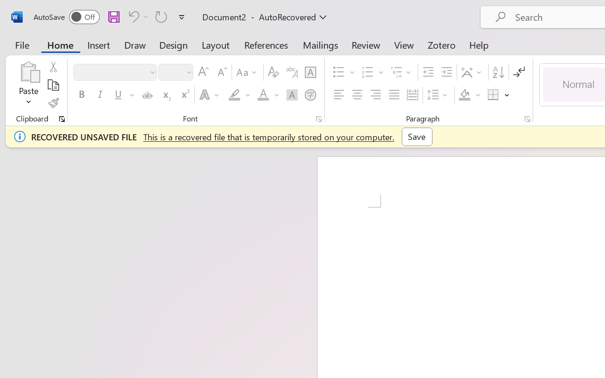  What do you see at coordinates (465, 95) in the screenshot?
I see `'Shading RGB(0, 0, 0)'` at bounding box center [465, 95].